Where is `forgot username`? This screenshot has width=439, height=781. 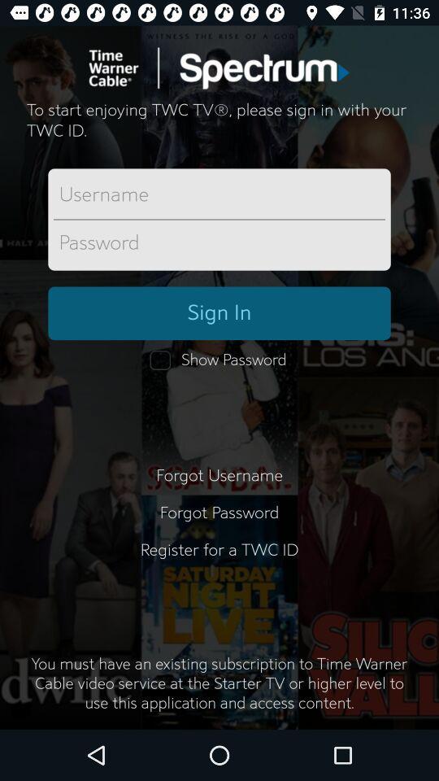
forgot username is located at coordinates (219, 476).